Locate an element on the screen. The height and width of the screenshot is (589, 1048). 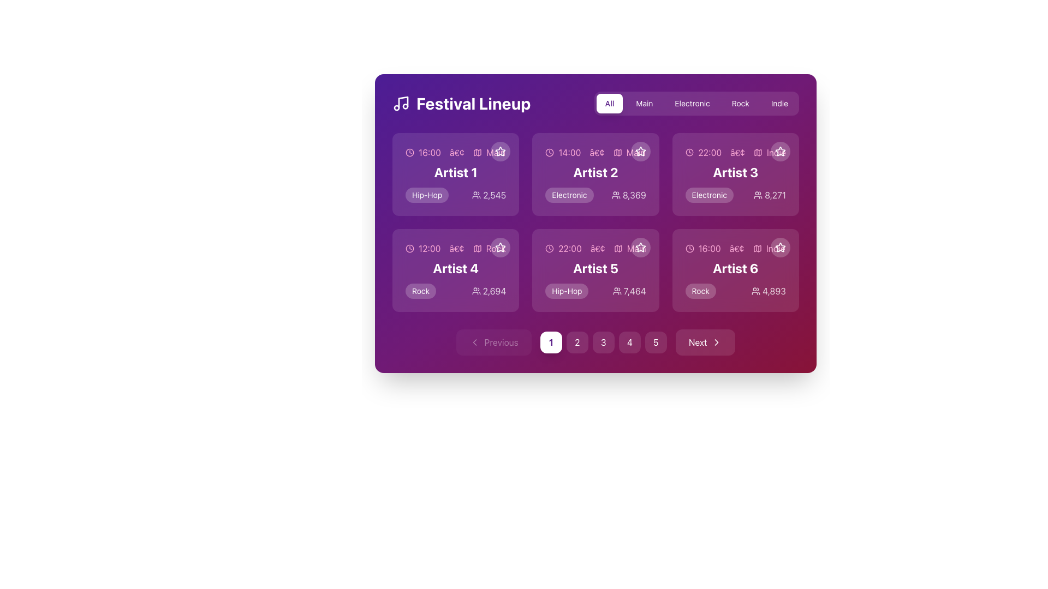
the star icon located under the 'Artist 2' section to mark or unmark the entity as favorite is located at coordinates (640, 151).